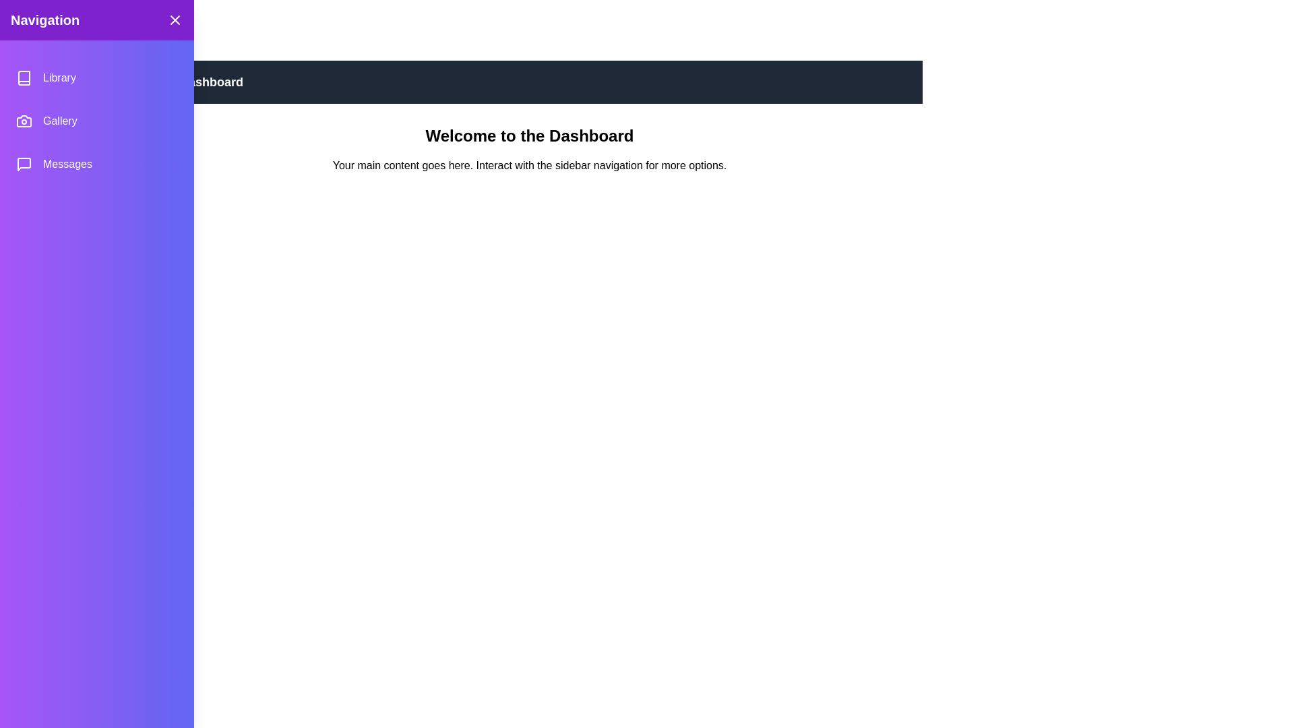  I want to click on heading text 'Welcome to the Dashboard' which is prominently displayed in bold and large size, located at the upper-middle section of the main content area, directly under the navigation header, so click(529, 135).